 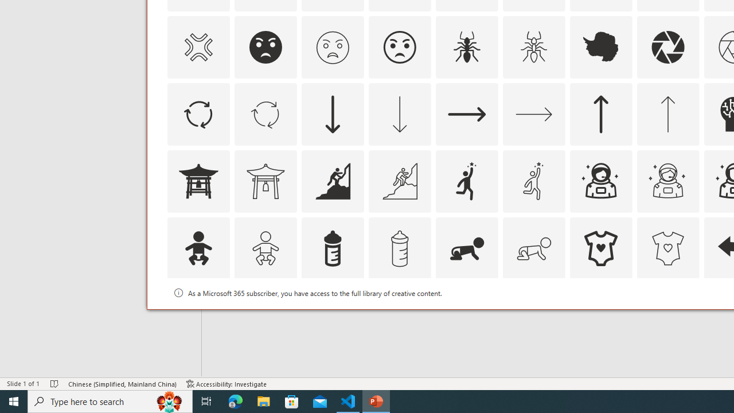 I want to click on 'AutomationID: Icons_AsianTemple1_M', so click(x=265, y=181).